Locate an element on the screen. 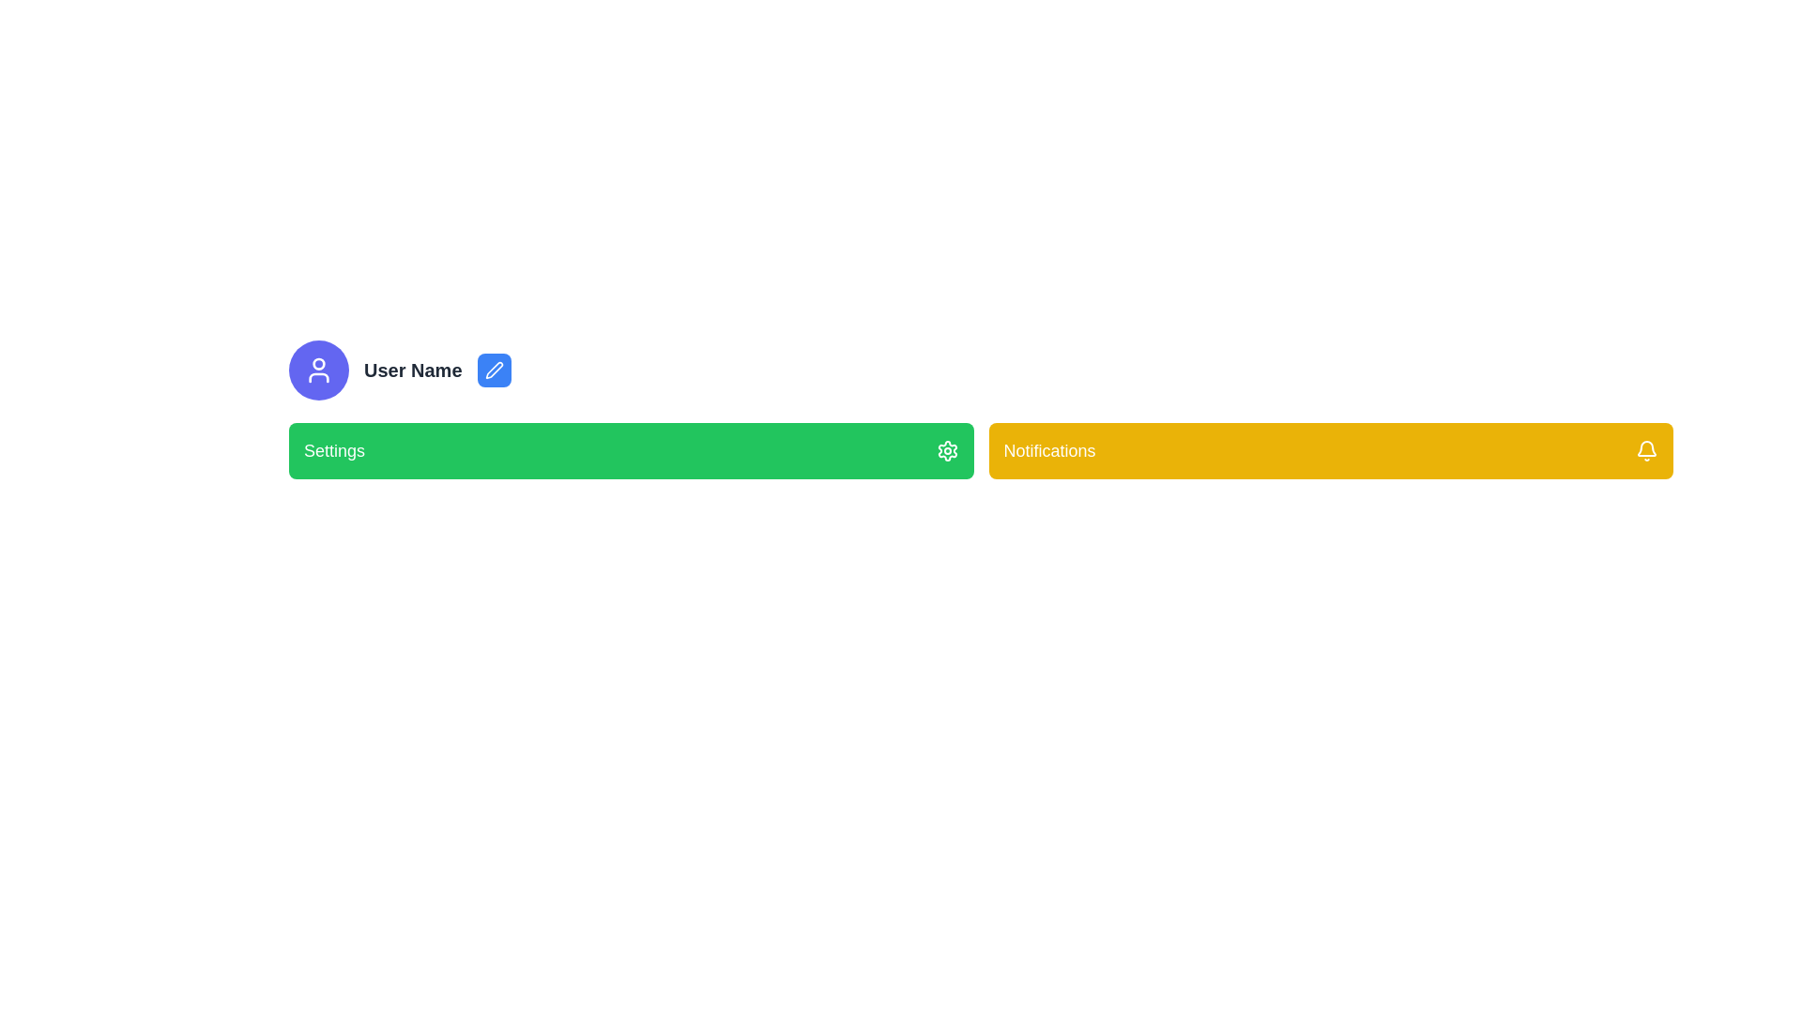  the settings button located on the left side of the two-column layout grid to change its background color is located at coordinates (631, 451).